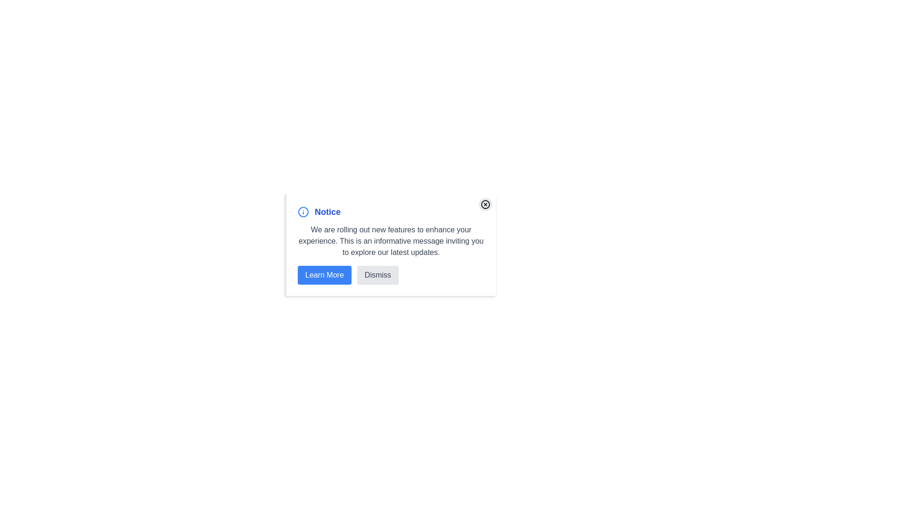 The height and width of the screenshot is (509, 906). What do you see at coordinates (485, 204) in the screenshot?
I see `the close button in the top-right corner of the alert component` at bounding box center [485, 204].